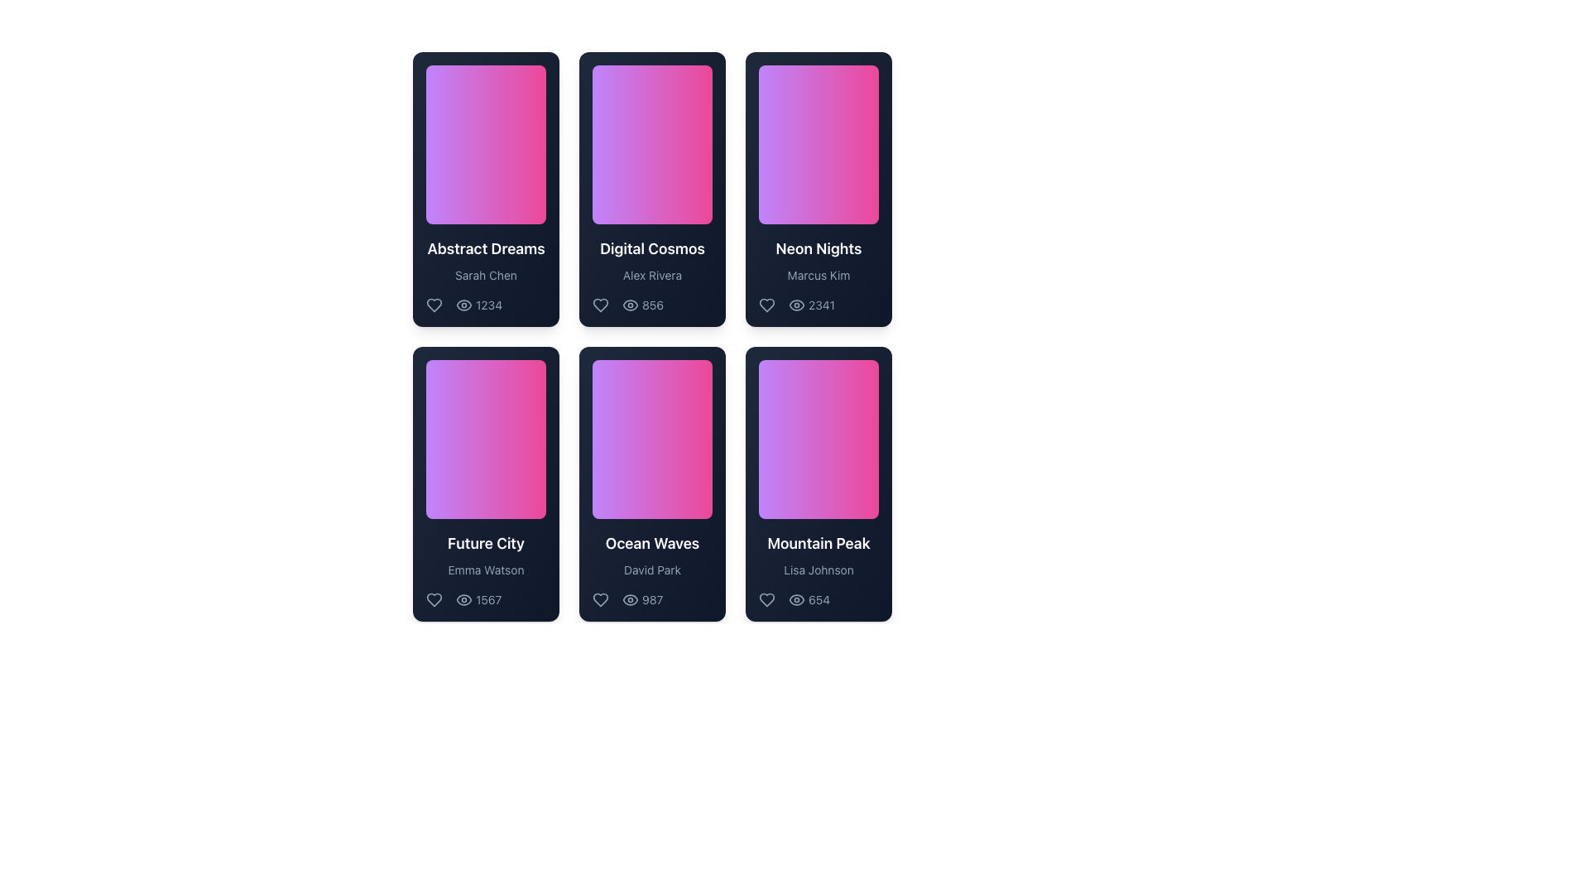 This screenshot has height=894, width=1589. What do you see at coordinates (463, 305) in the screenshot?
I see `the Text node element displaying '1234', which is positioned to the right of an eye-shaped icon in a horizontal group below the card titled 'Abstract Dreams'` at bounding box center [463, 305].